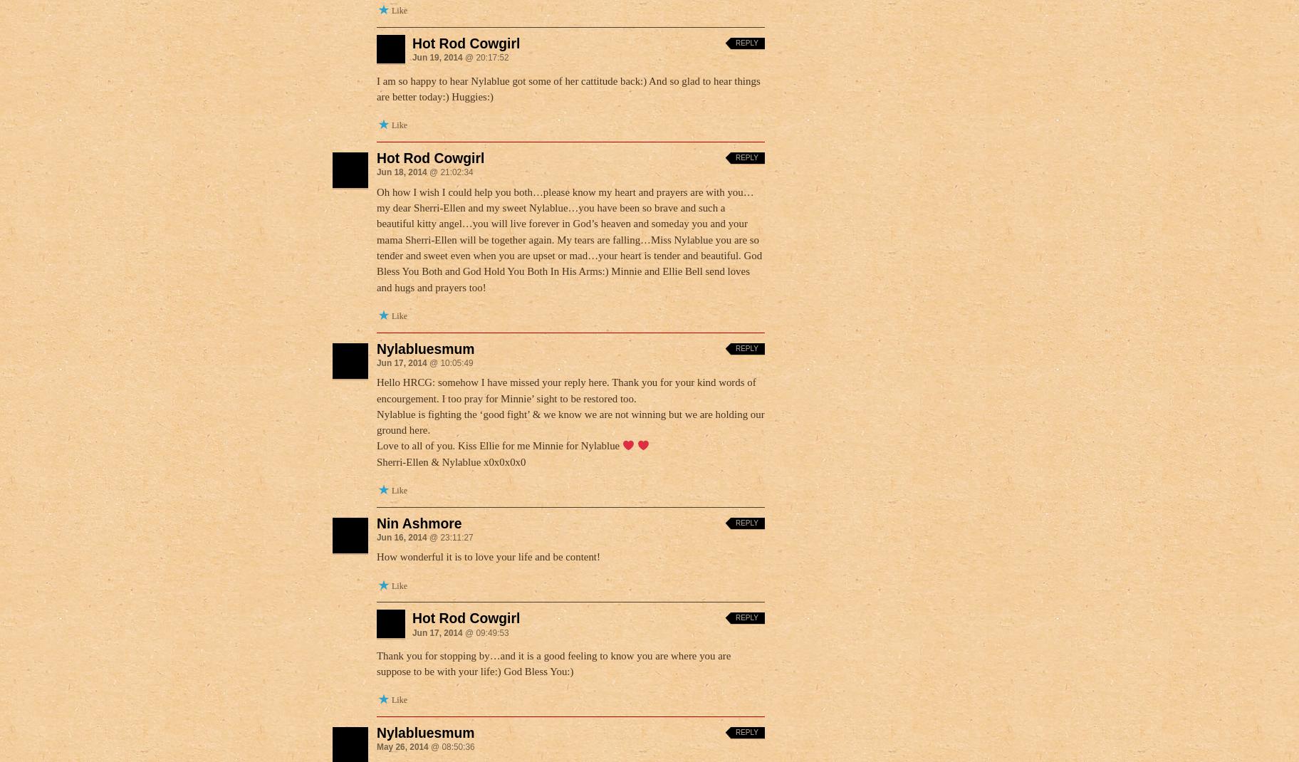 This screenshot has width=1299, height=762. Describe the element at coordinates (375, 522) in the screenshot. I see `'Nin Ashmore'` at that location.